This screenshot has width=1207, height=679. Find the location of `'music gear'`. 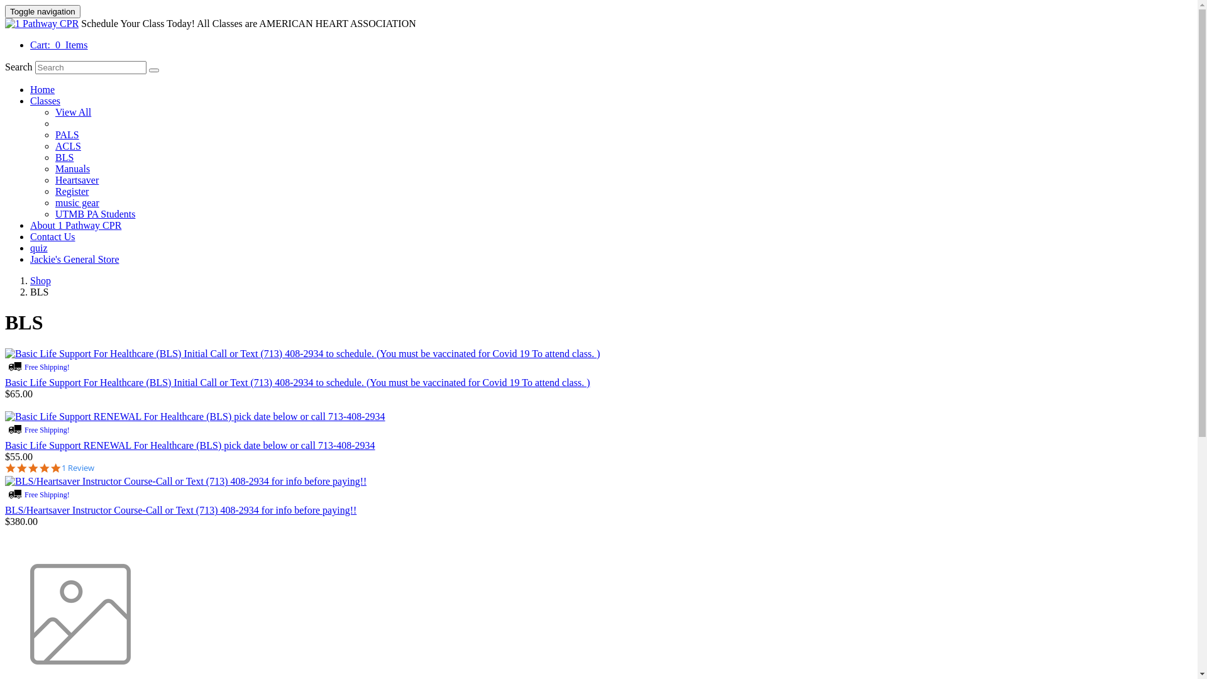

'music gear' is located at coordinates (77, 202).